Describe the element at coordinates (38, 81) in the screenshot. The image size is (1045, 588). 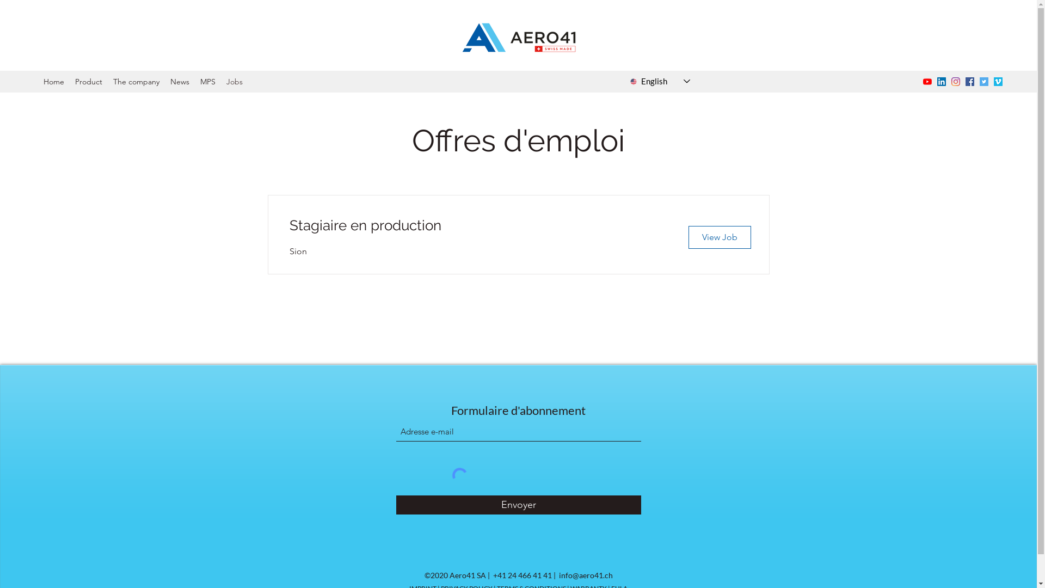
I see `'Home'` at that location.